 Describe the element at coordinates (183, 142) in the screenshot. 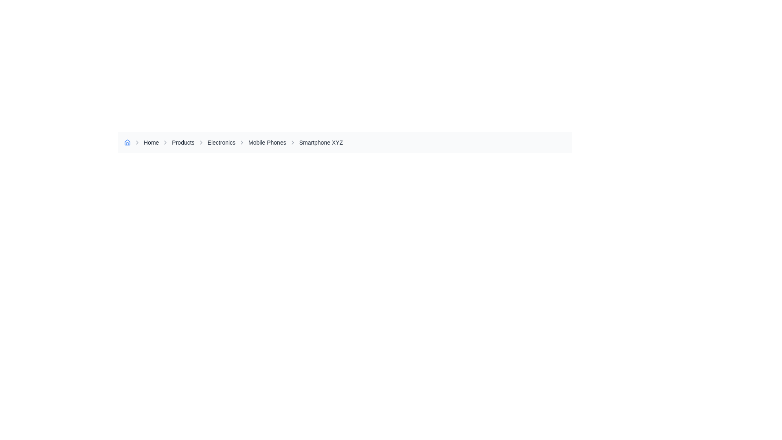

I see `the 'Products' hyperlink in the breadcrumb navigation bar to change its color to blue` at that location.